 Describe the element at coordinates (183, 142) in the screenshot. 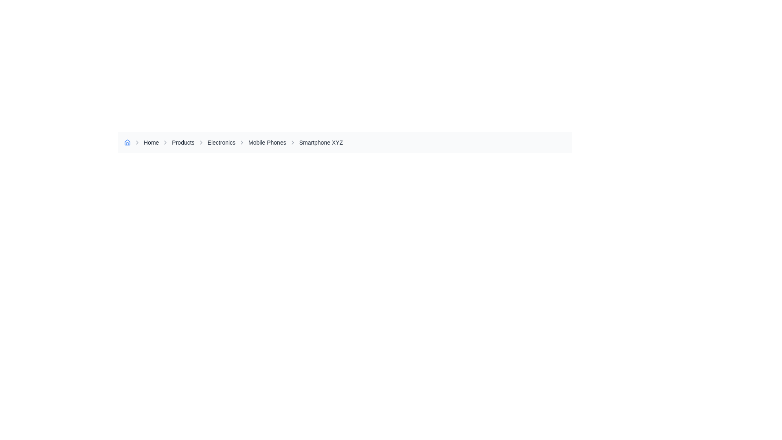

I see `the 'Products' hyperlink in the breadcrumb navigation bar to change its color to blue` at that location.